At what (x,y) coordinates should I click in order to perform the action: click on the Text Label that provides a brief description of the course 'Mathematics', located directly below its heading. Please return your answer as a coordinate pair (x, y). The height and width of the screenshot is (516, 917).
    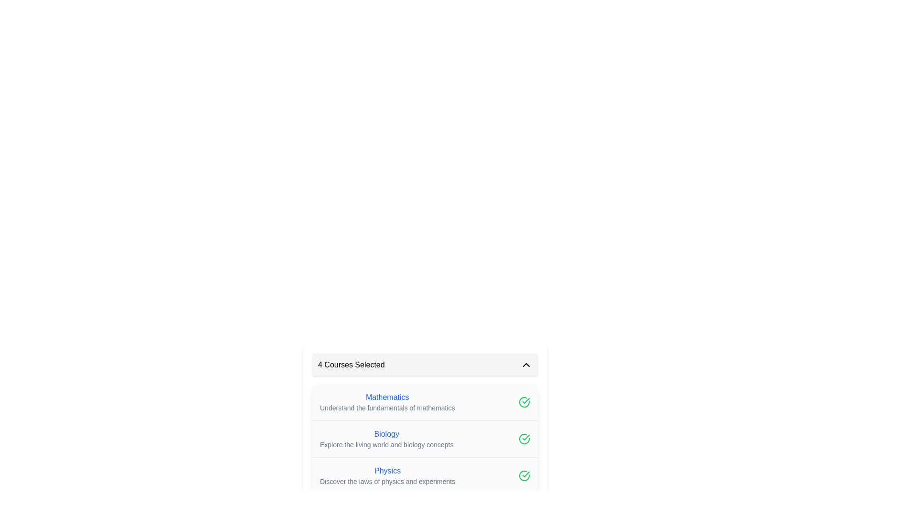
    Looking at the image, I should click on (387, 408).